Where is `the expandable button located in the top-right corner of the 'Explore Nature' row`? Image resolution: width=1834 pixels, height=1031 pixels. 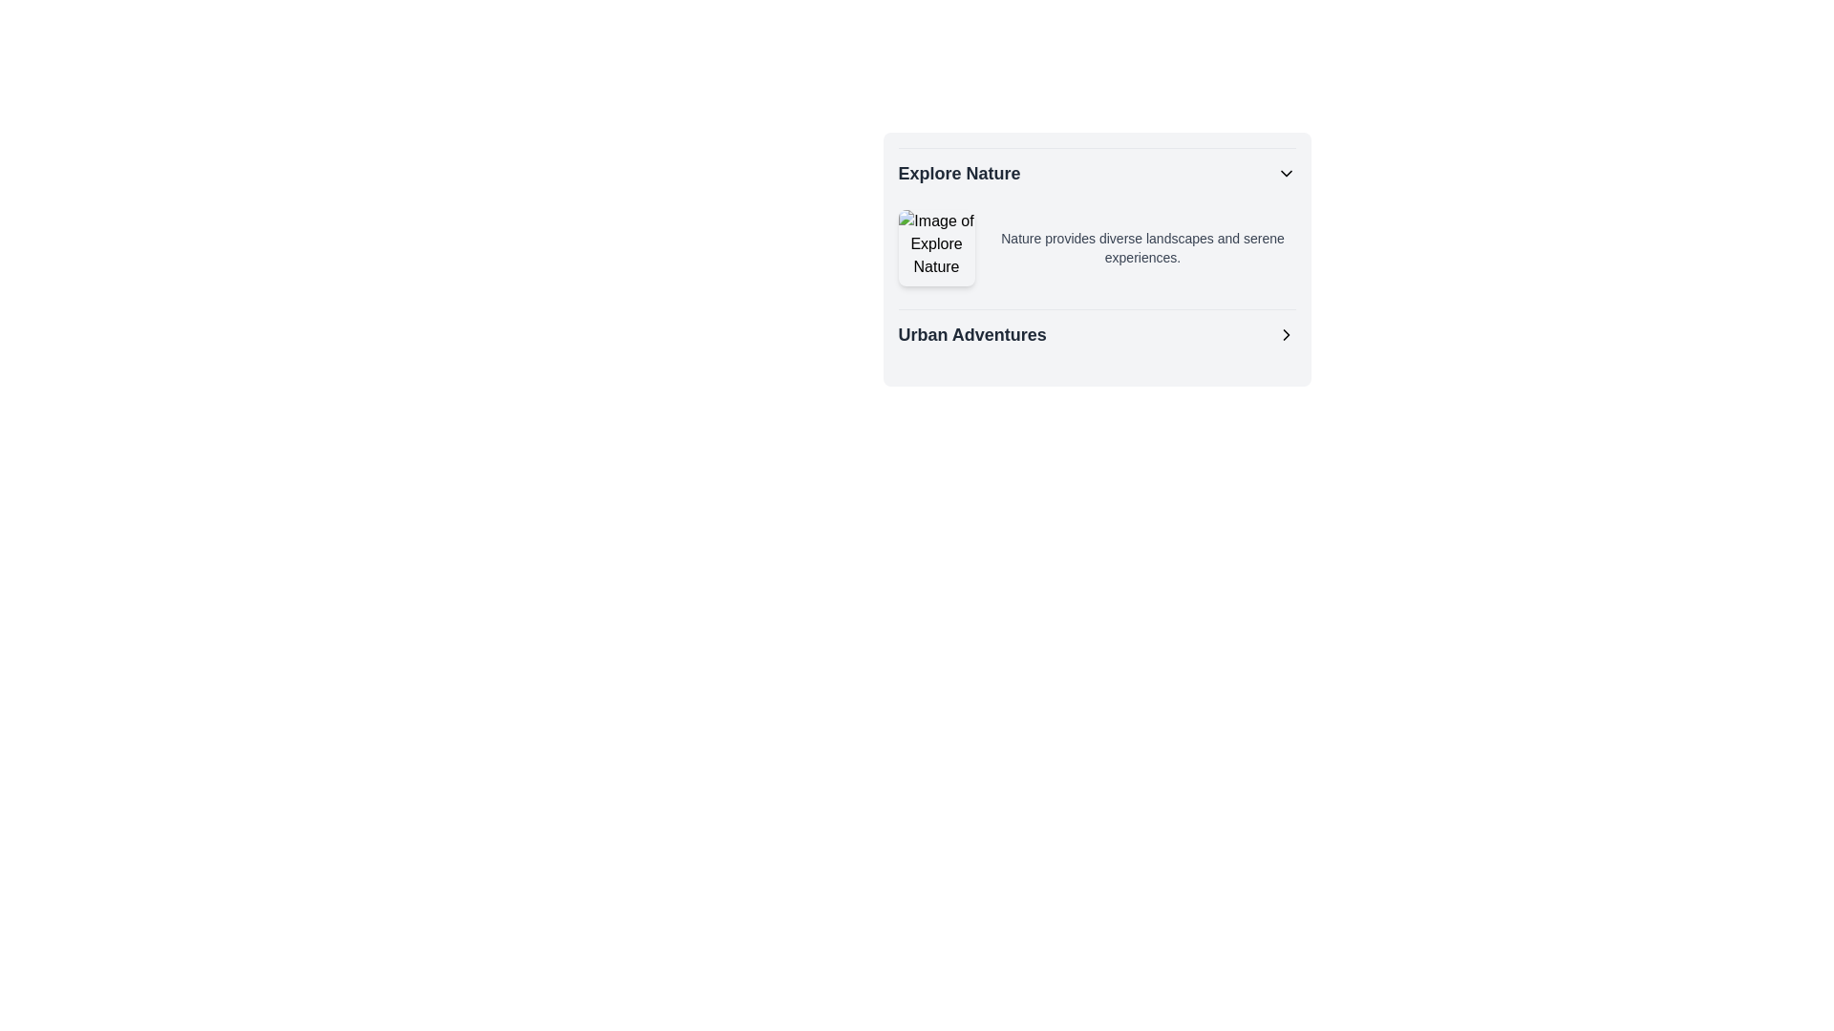 the expandable button located in the top-right corner of the 'Explore Nature' row is located at coordinates (1286, 173).